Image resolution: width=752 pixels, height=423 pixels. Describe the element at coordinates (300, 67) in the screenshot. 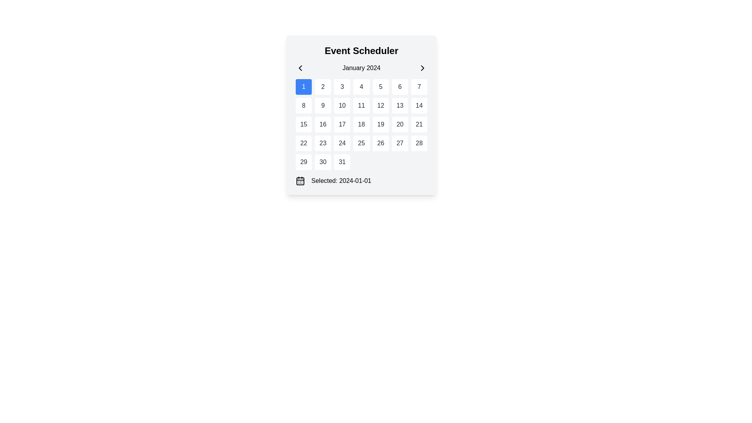

I see `the left-pointing arrow icon located at the top-left corner of the calendar interface` at that location.